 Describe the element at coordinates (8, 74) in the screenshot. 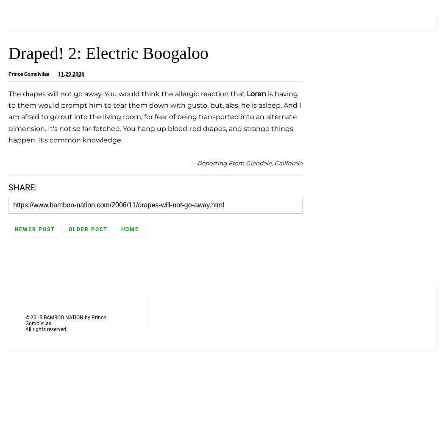

I see `'Prince Gomolvilas'` at that location.